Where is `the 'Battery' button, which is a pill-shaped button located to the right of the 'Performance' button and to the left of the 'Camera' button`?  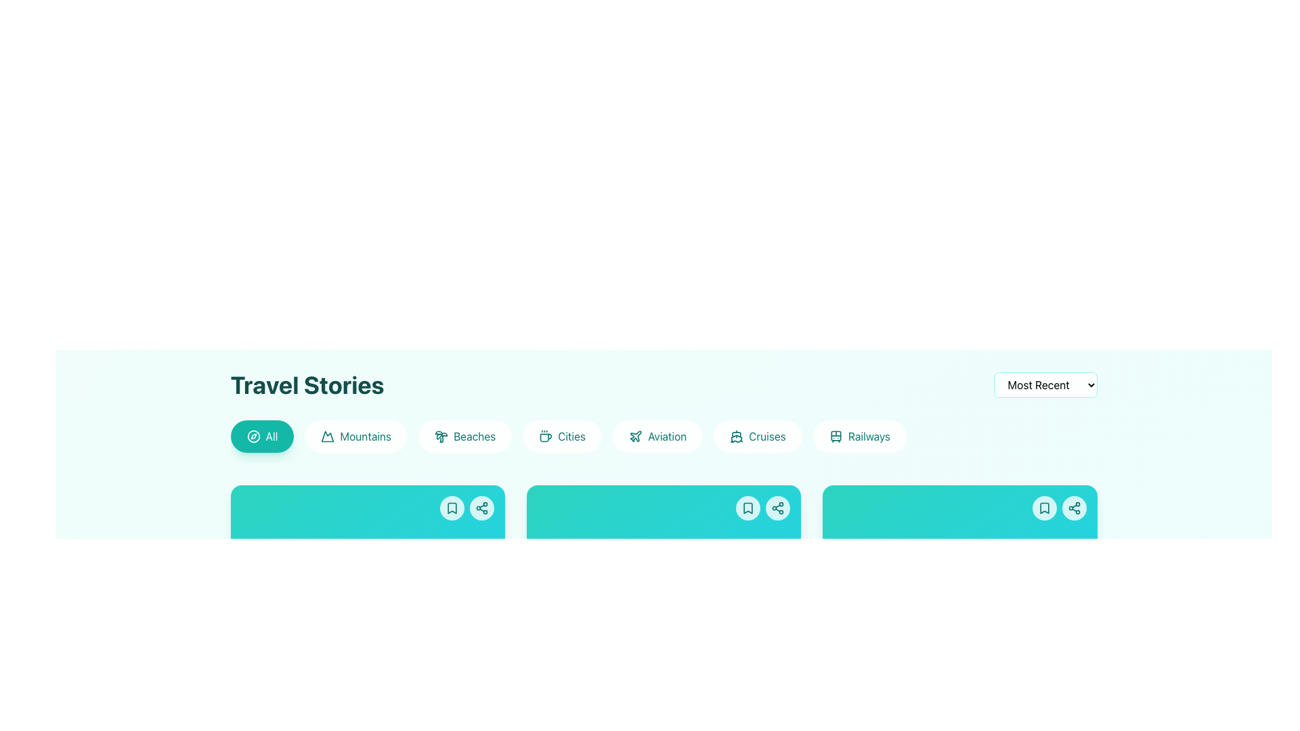
the 'Battery' button, which is a pill-shaped button located to the right of the 'Performance' button and to the left of the 'Camera' button is located at coordinates (375, 451).